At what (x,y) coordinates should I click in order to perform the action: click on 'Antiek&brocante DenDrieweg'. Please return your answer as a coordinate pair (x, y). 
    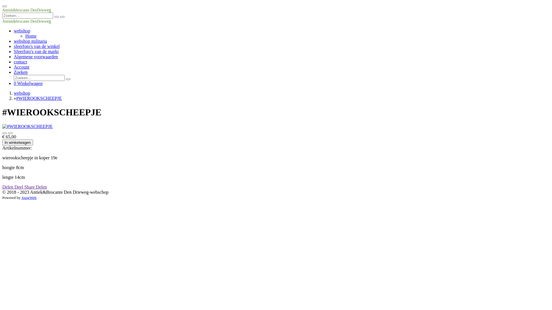
    Looking at the image, I should click on (26, 10).